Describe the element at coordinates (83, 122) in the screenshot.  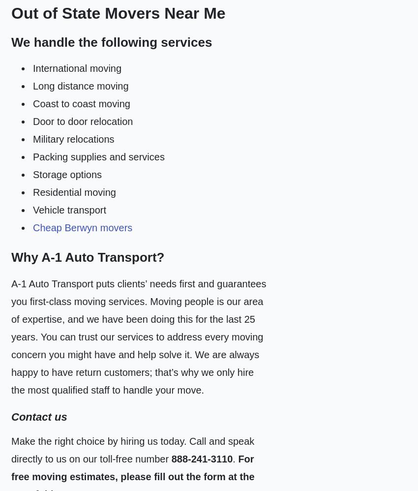
I see `'Door to door relocation'` at that location.